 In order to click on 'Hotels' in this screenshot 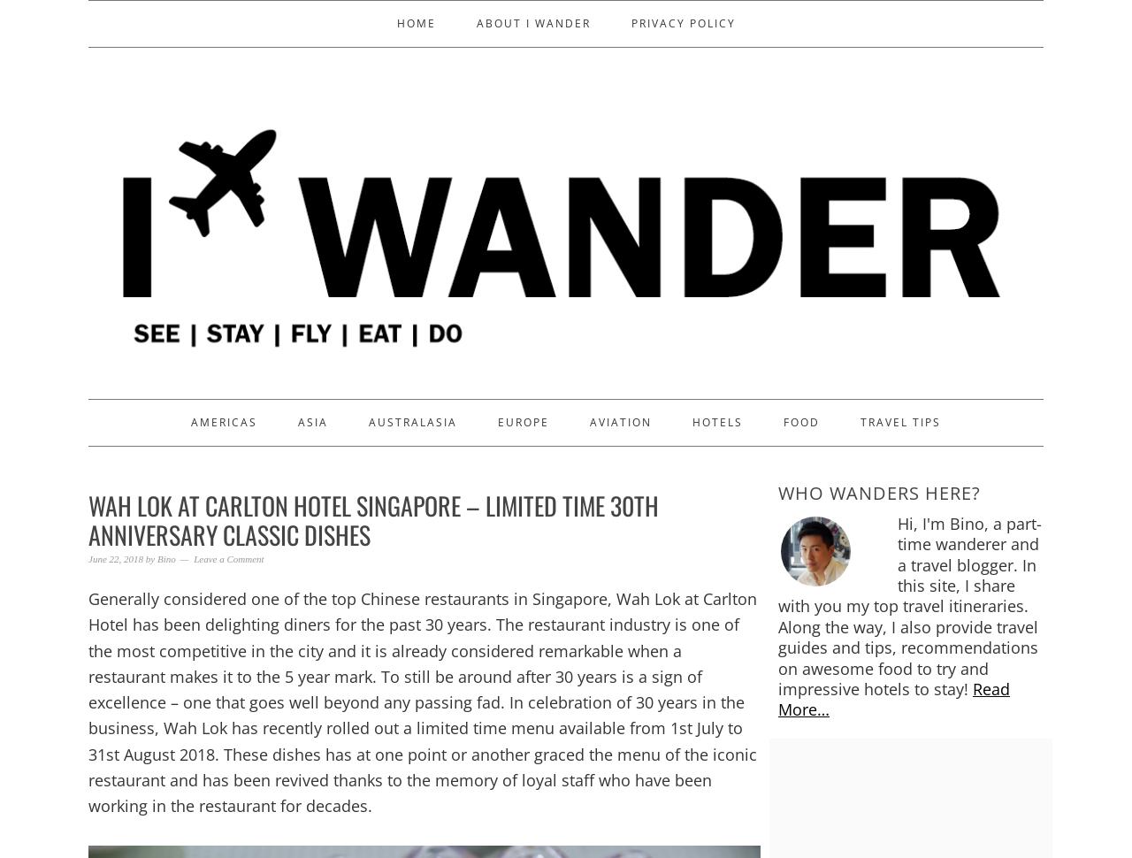, I will do `click(717, 420)`.